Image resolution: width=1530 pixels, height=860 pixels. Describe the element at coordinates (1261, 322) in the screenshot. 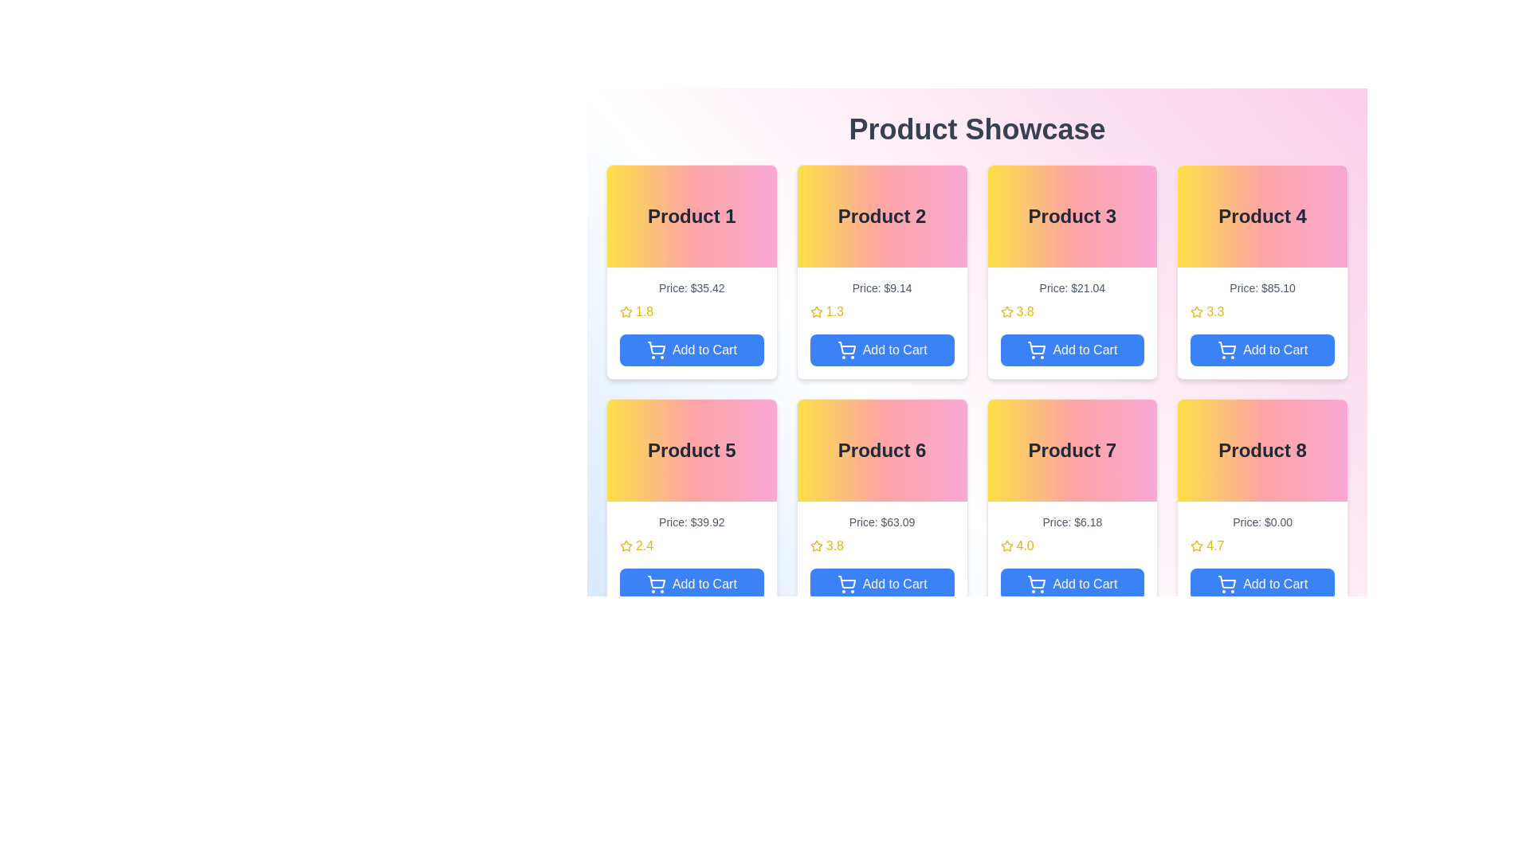

I see `the 'Add to Cart' button located in the Interactive card detail section for 'Product 4', which is positioned in the fourth slot of the product grid` at that location.